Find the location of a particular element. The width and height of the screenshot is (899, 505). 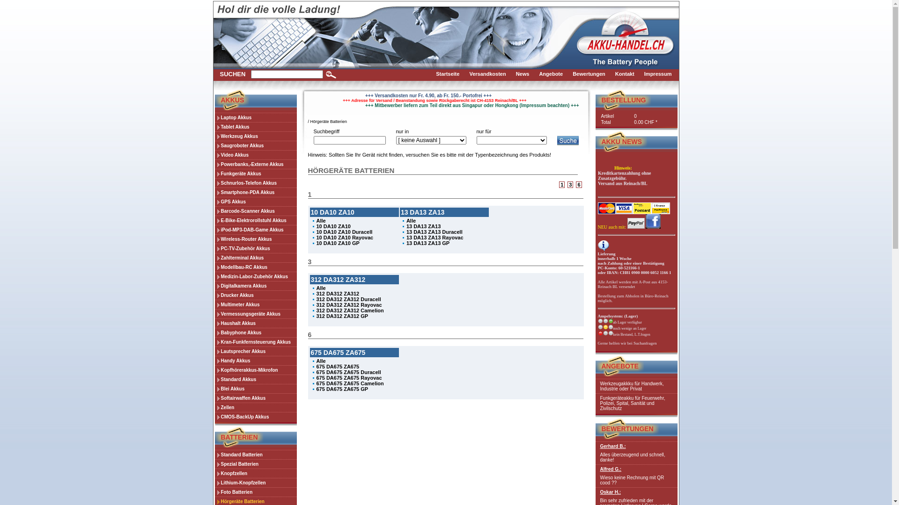

'Smartphone-PDA Akkus' is located at coordinates (255, 192).